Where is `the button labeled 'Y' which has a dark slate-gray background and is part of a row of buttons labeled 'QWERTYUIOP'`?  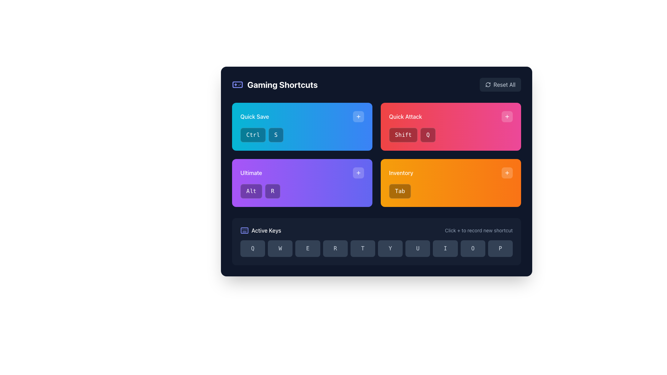
the button labeled 'Y' which has a dark slate-gray background and is part of a row of buttons labeled 'QWERTYUIOP' is located at coordinates (390, 248).